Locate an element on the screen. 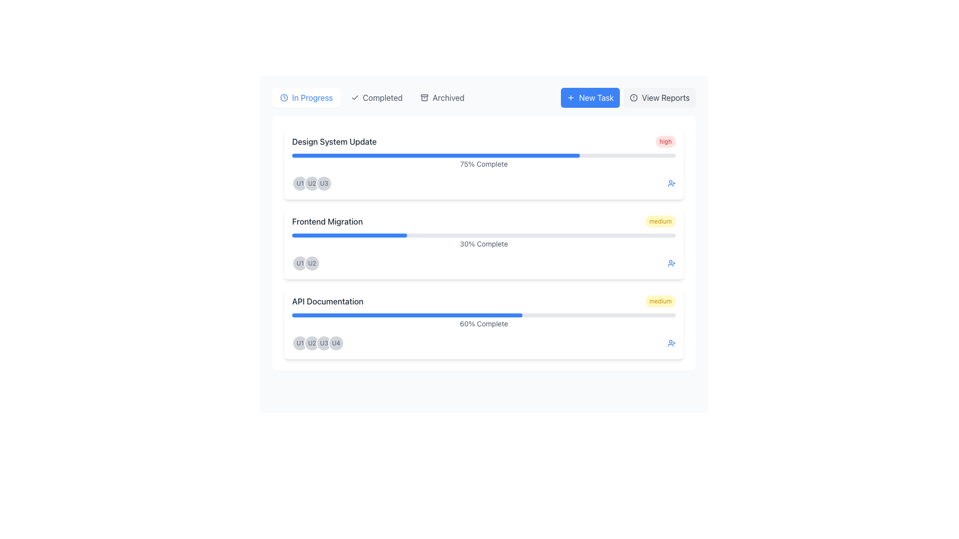 The width and height of the screenshot is (959, 539). the circular avatar representing user 'U2' associated with the 'Design System Update' task, which is the central avatar in a row of three avatars labeled 'U1', 'U2', and 'U3' is located at coordinates (311, 183).